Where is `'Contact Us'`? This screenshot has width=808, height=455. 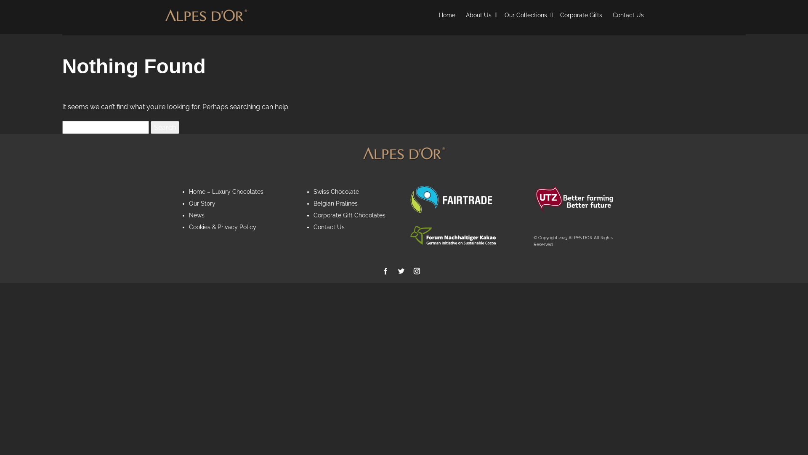
'Contact Us' is located at coordinates (328, 227).